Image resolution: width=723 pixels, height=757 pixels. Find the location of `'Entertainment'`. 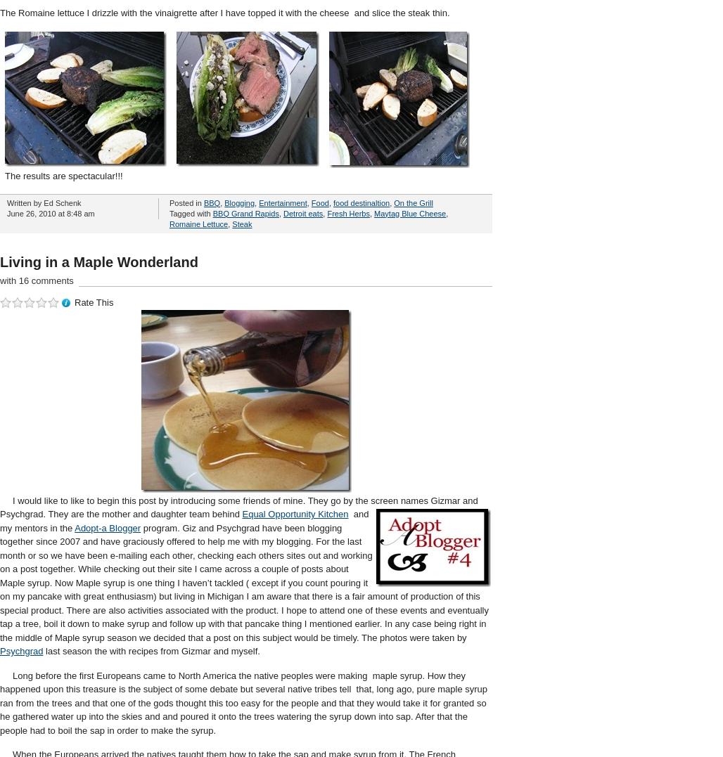

'Entertainment' is located at coordinates (283, 201).